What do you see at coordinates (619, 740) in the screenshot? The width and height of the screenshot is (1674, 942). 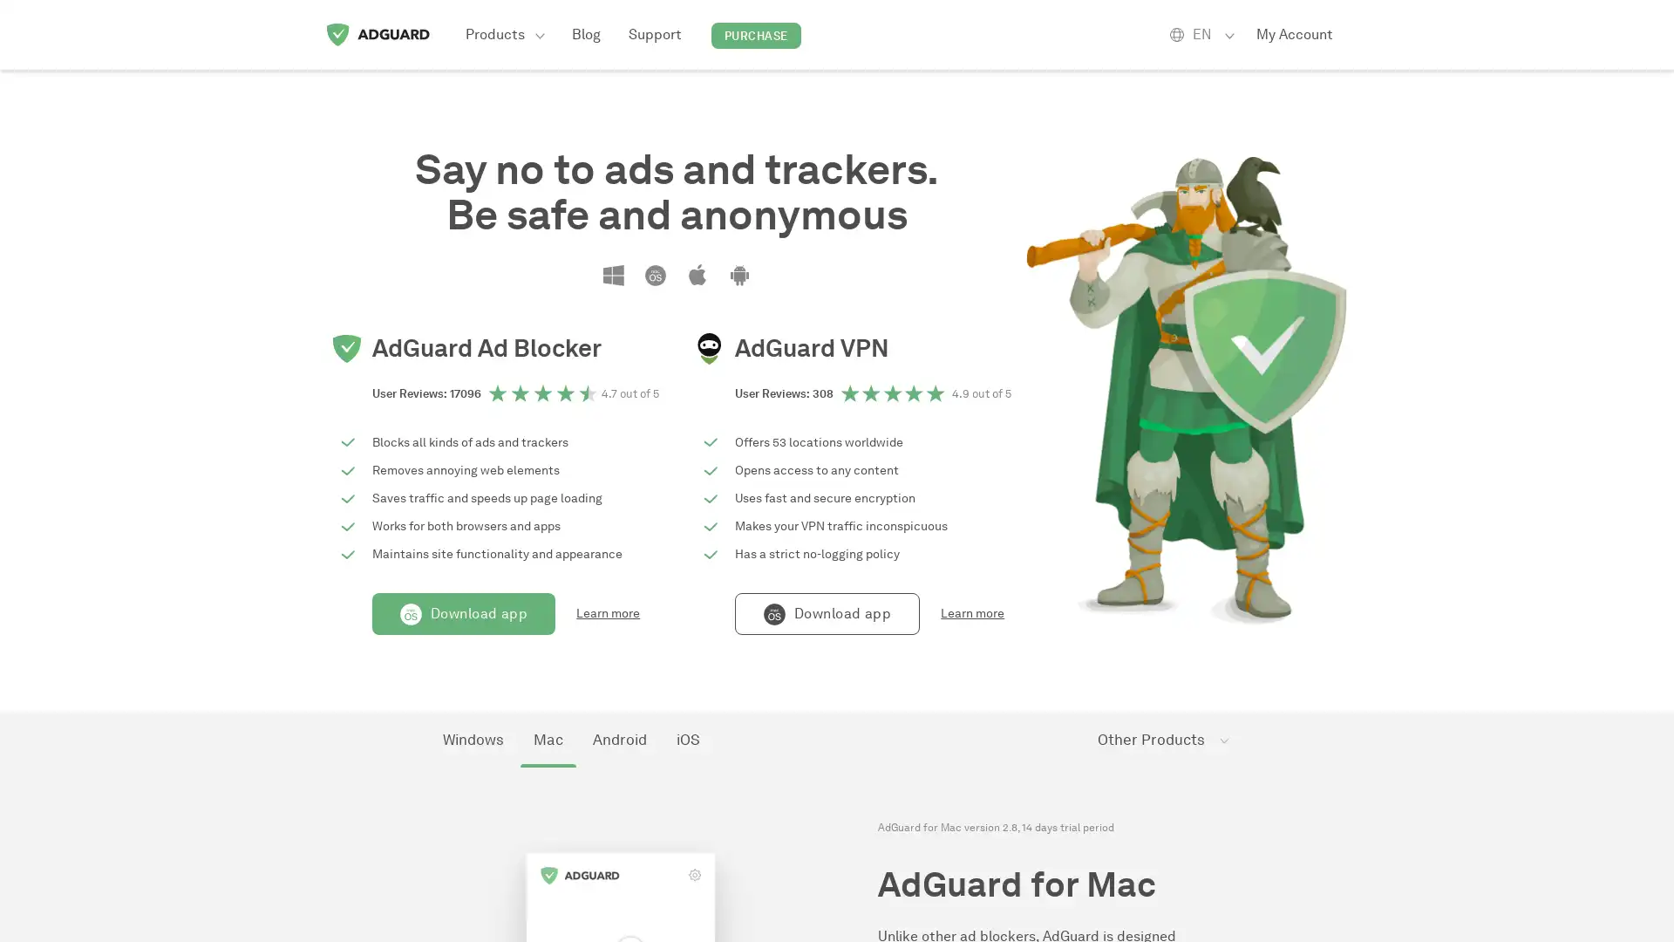 I see `Android` at bounding box center [619, 740].